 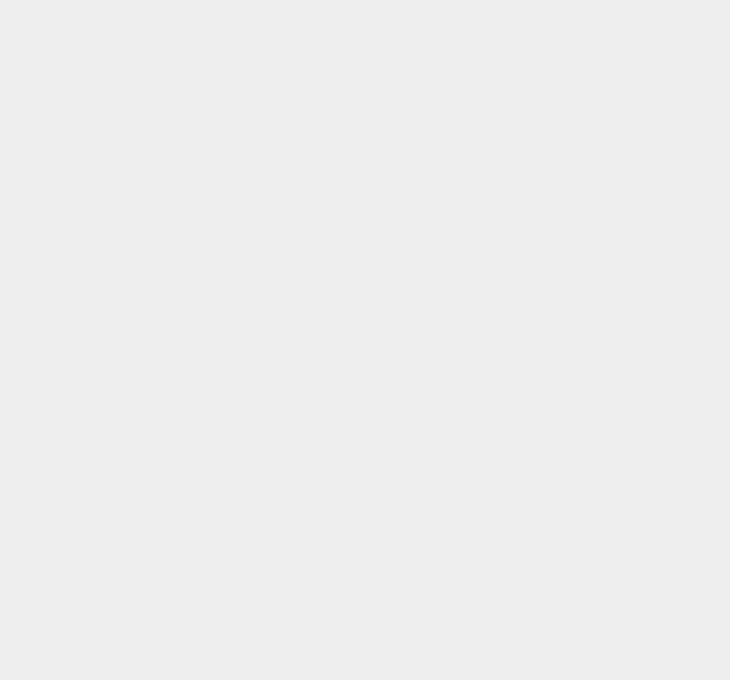 What do you see at coordinates (557, 230) in the screenshot?
I see `'Facebook Developers'` at bounding box center [557, 230].